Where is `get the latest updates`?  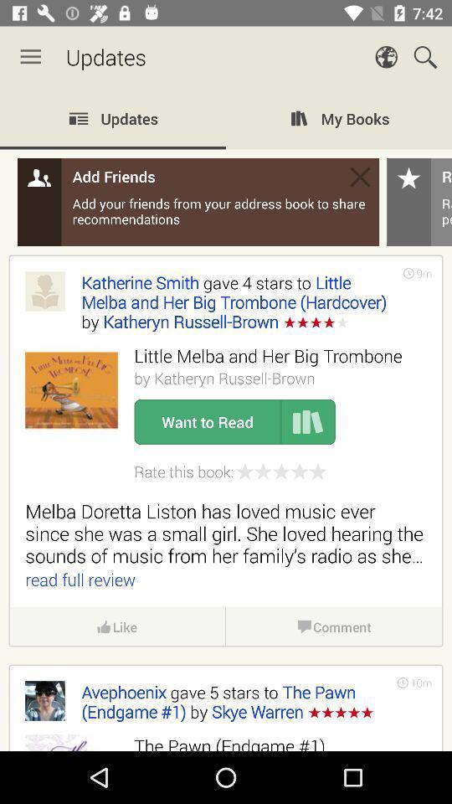
get the latest updates is located at coordinates (226, 419).